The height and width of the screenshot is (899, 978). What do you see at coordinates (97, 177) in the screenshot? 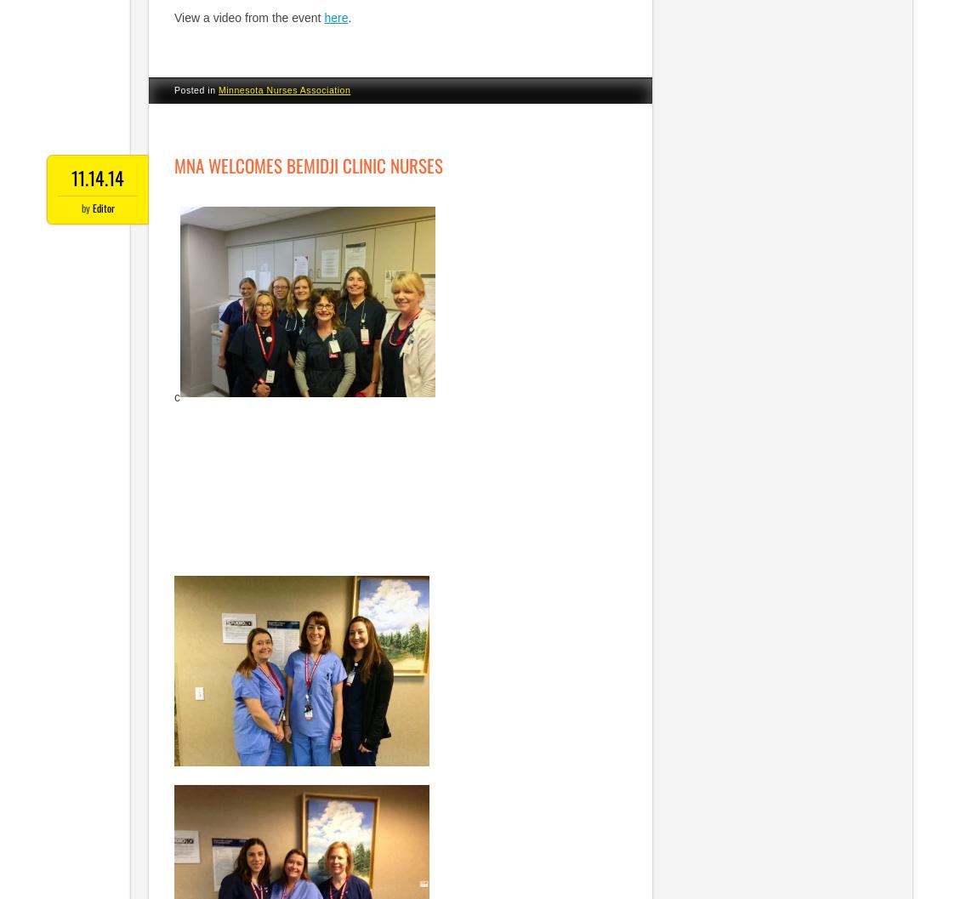
I see `'11.14.14'` at bounding box center [97, 177].